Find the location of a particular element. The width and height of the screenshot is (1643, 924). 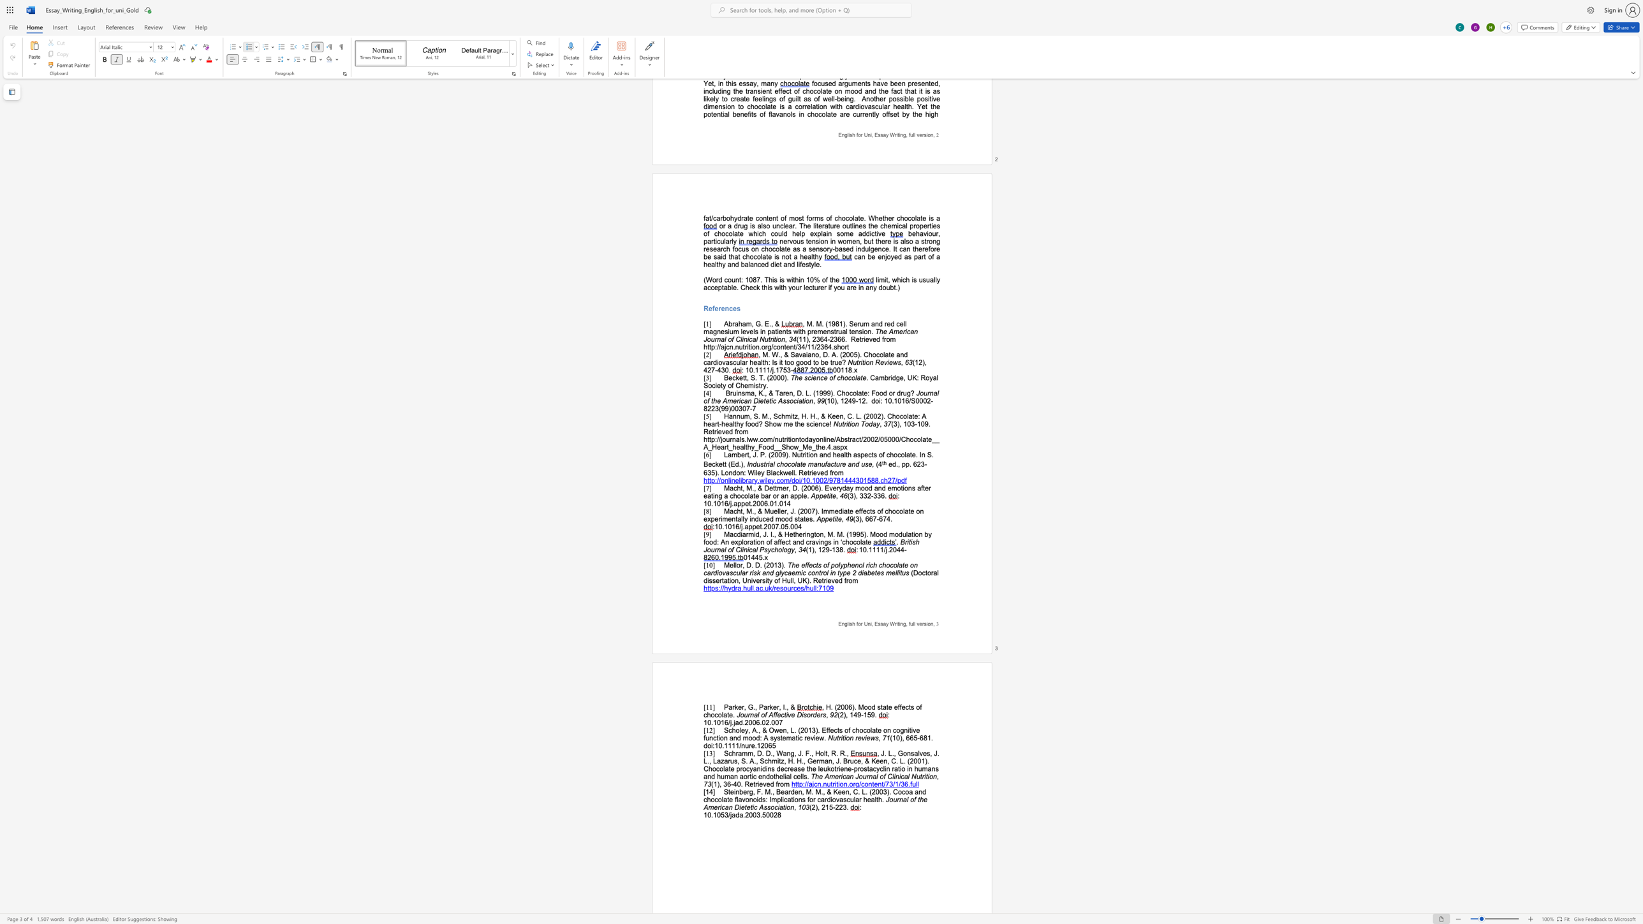

the space between the continuous character "R" and "e" in the text is located at coordinates (748, 783).